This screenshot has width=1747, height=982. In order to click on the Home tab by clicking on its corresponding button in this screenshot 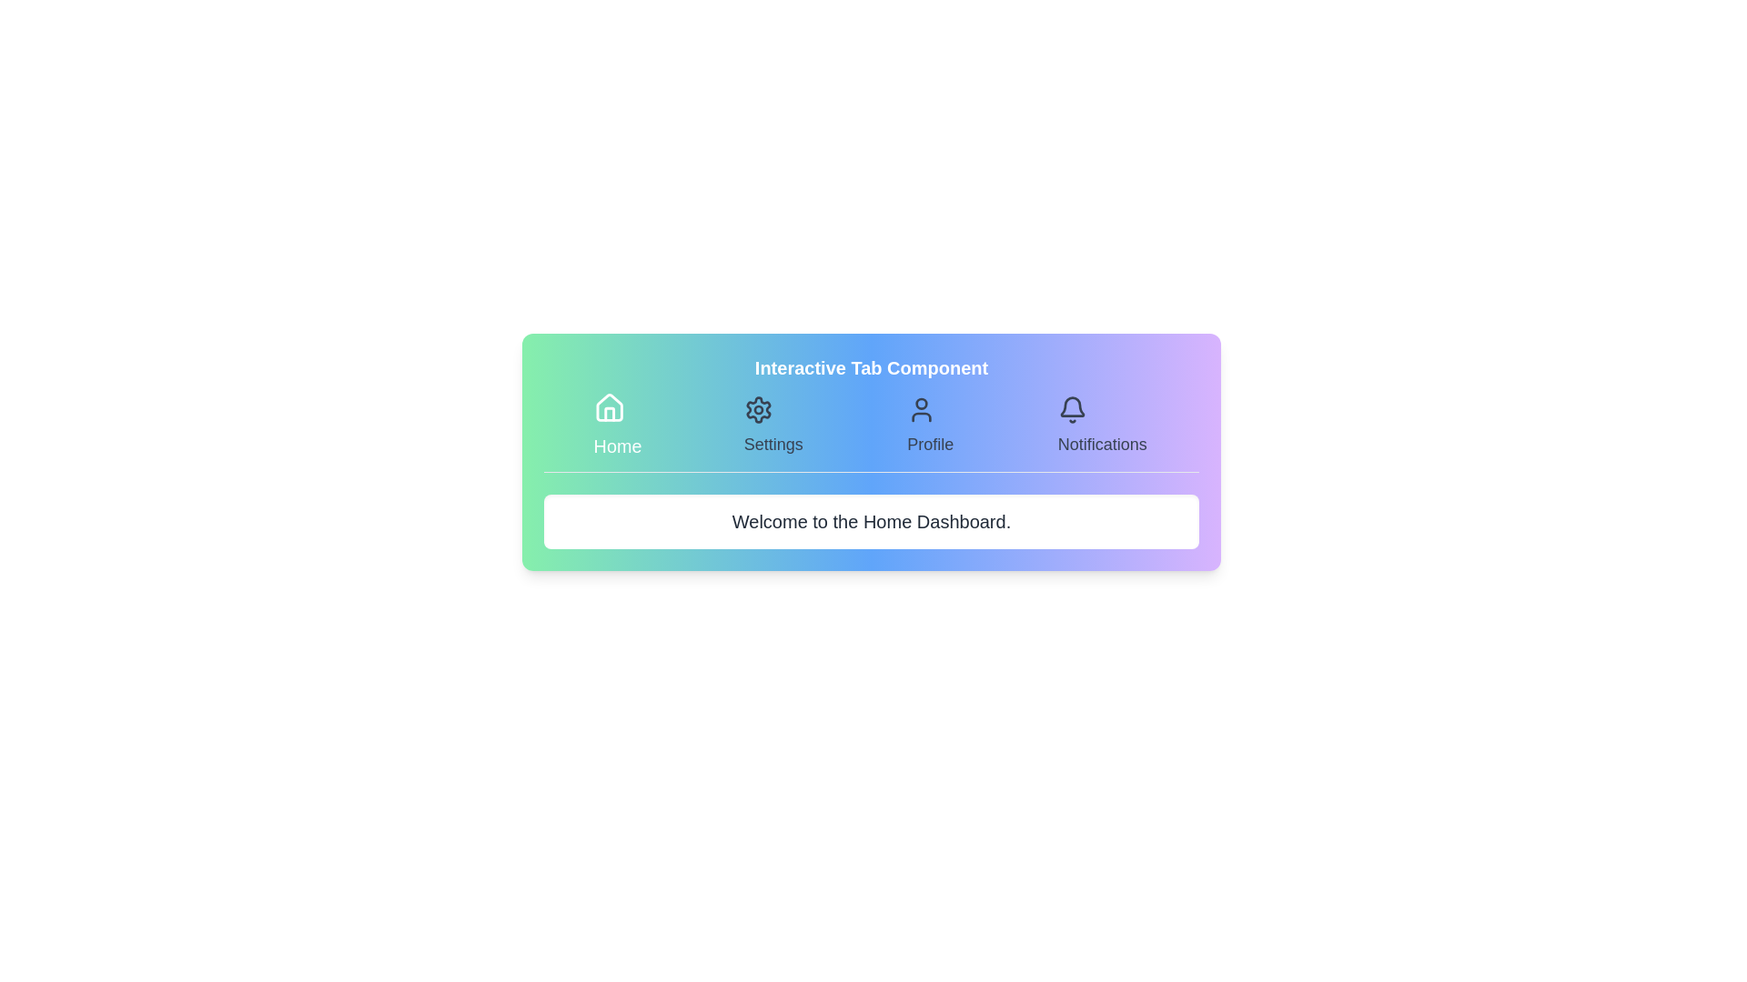, I will do `click(617, 426)`.